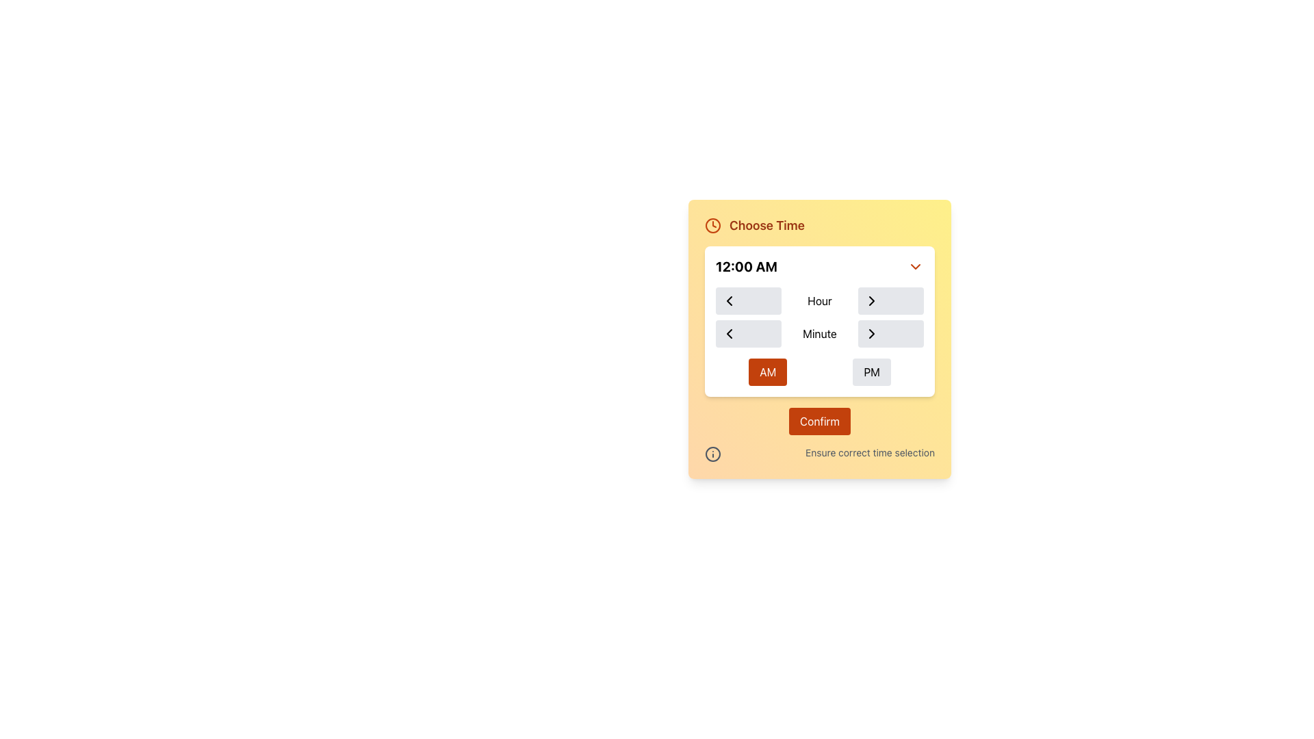  What do you see at coordinates (712, 454) in the screenshot?
I see `the circular graphical component of the information-themed icon located near the top left corner of the Choose Time dialog, adjacent to the 'Choose Time' label` at bounding box center [712, 454].